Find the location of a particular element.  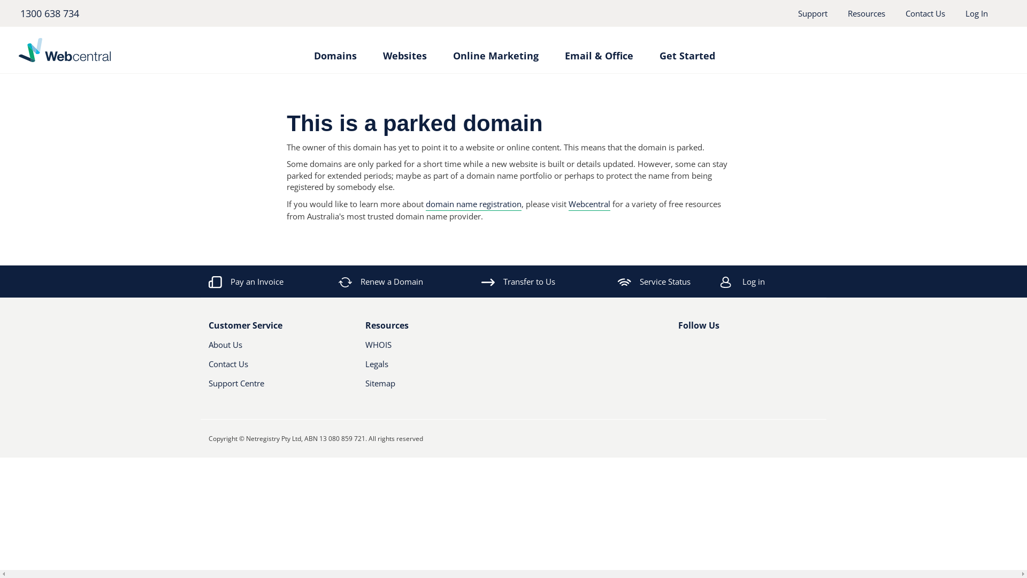

'Contact Us' is located at coordinates (268, 367).